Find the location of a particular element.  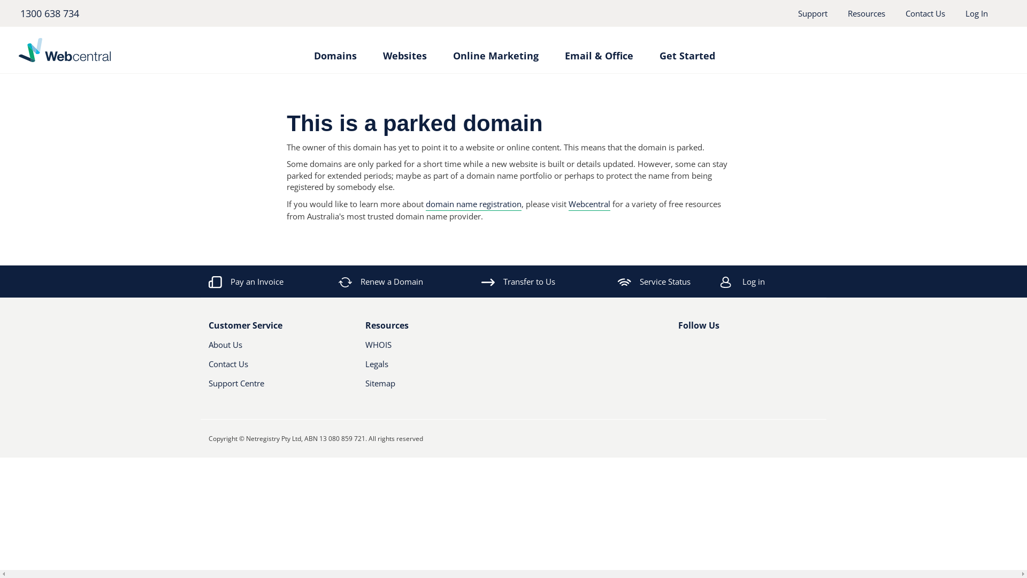

'Contact Us' is located at coordinates (268, 367).